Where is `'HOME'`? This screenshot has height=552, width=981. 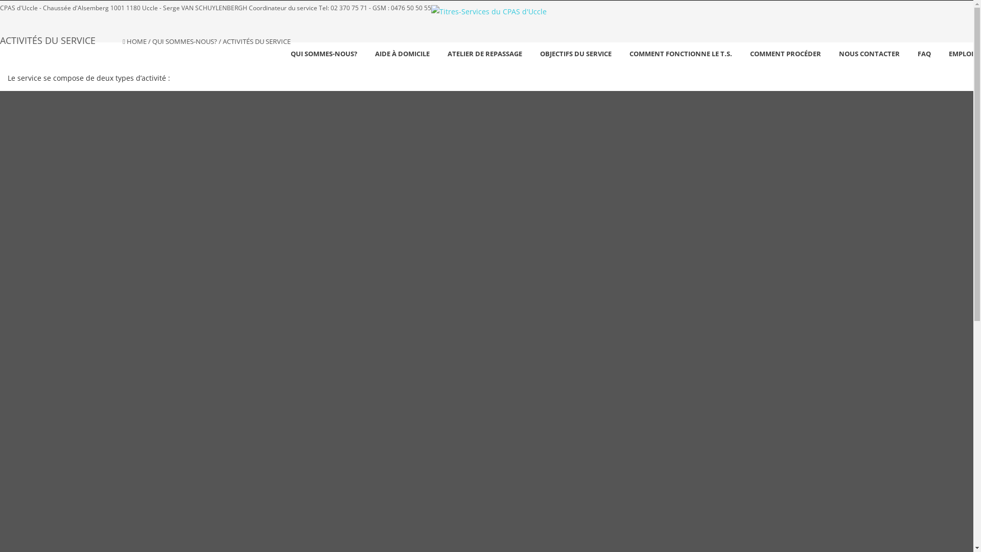 'HOME' is located at coordinates (126, 41).